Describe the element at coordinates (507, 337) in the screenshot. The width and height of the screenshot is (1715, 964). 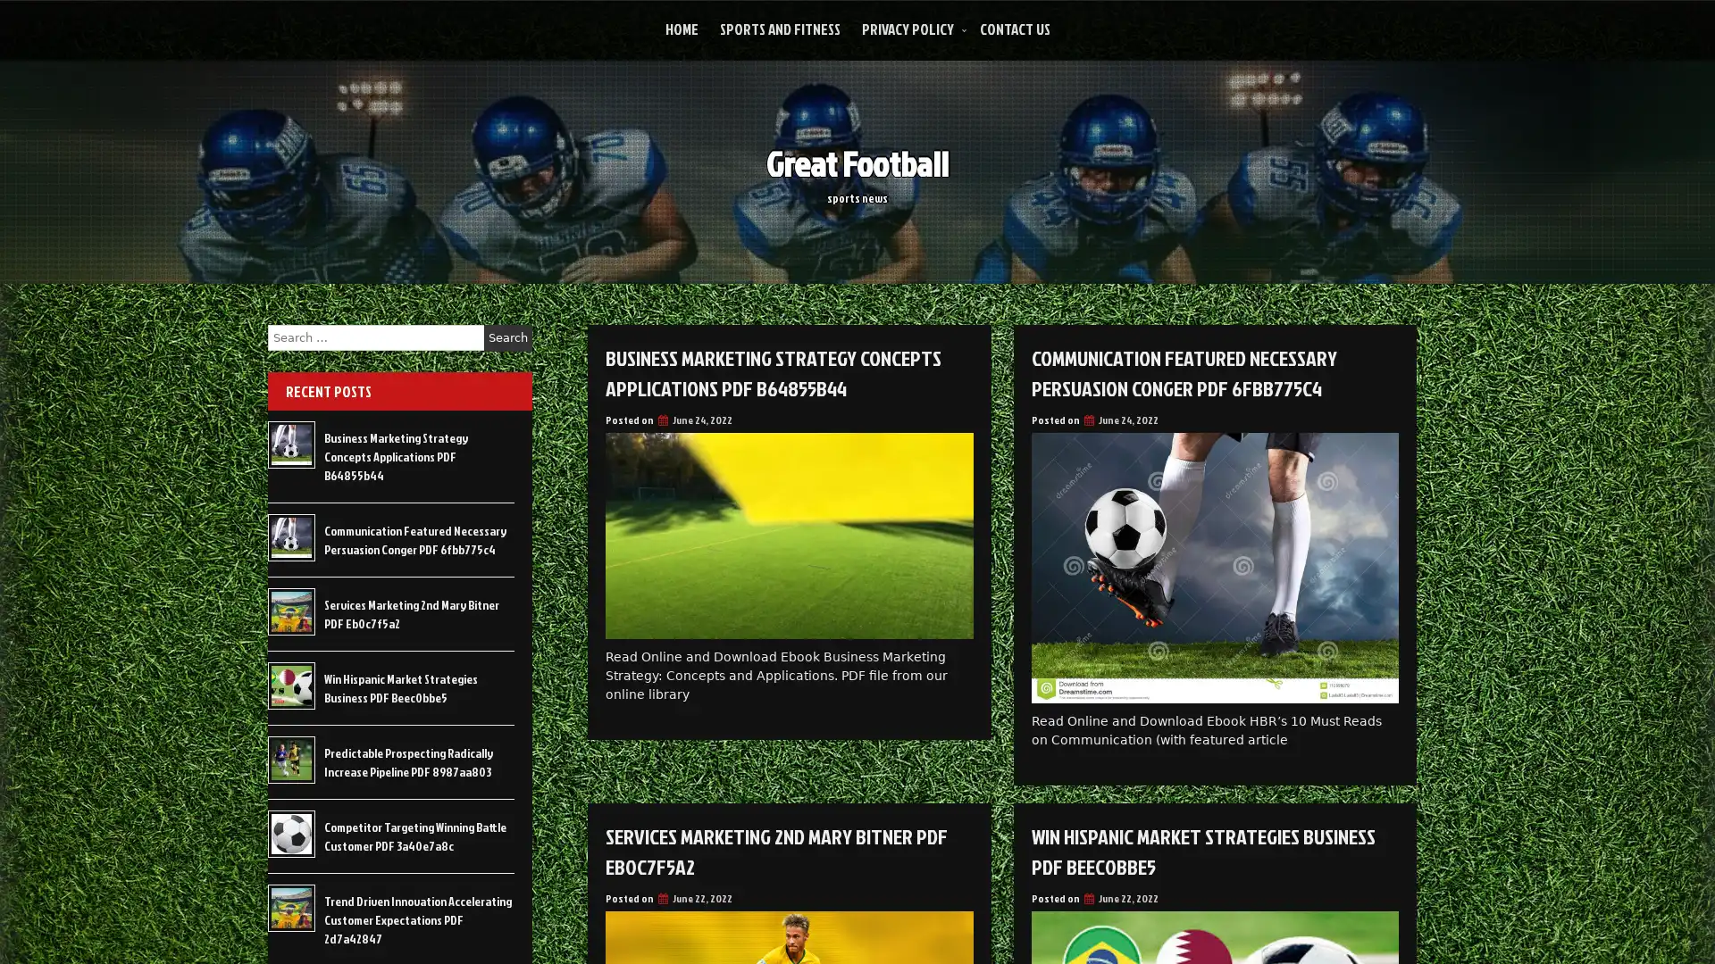
I see `Search` at that location.